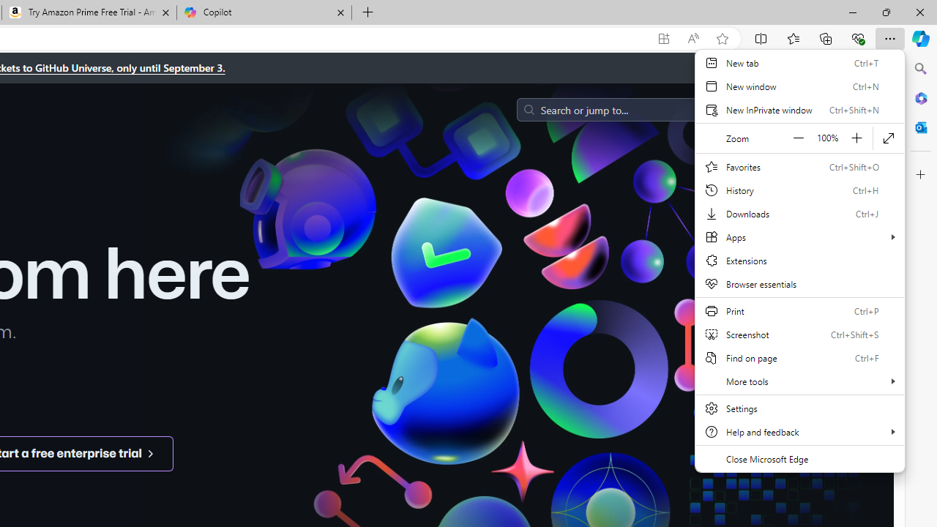 This screenshot has height=527, width=937. Describe the element at coordinates (150, 452) in the screenshot. I see `'Class: octicon arrow-symbol-mktg'` at that location.